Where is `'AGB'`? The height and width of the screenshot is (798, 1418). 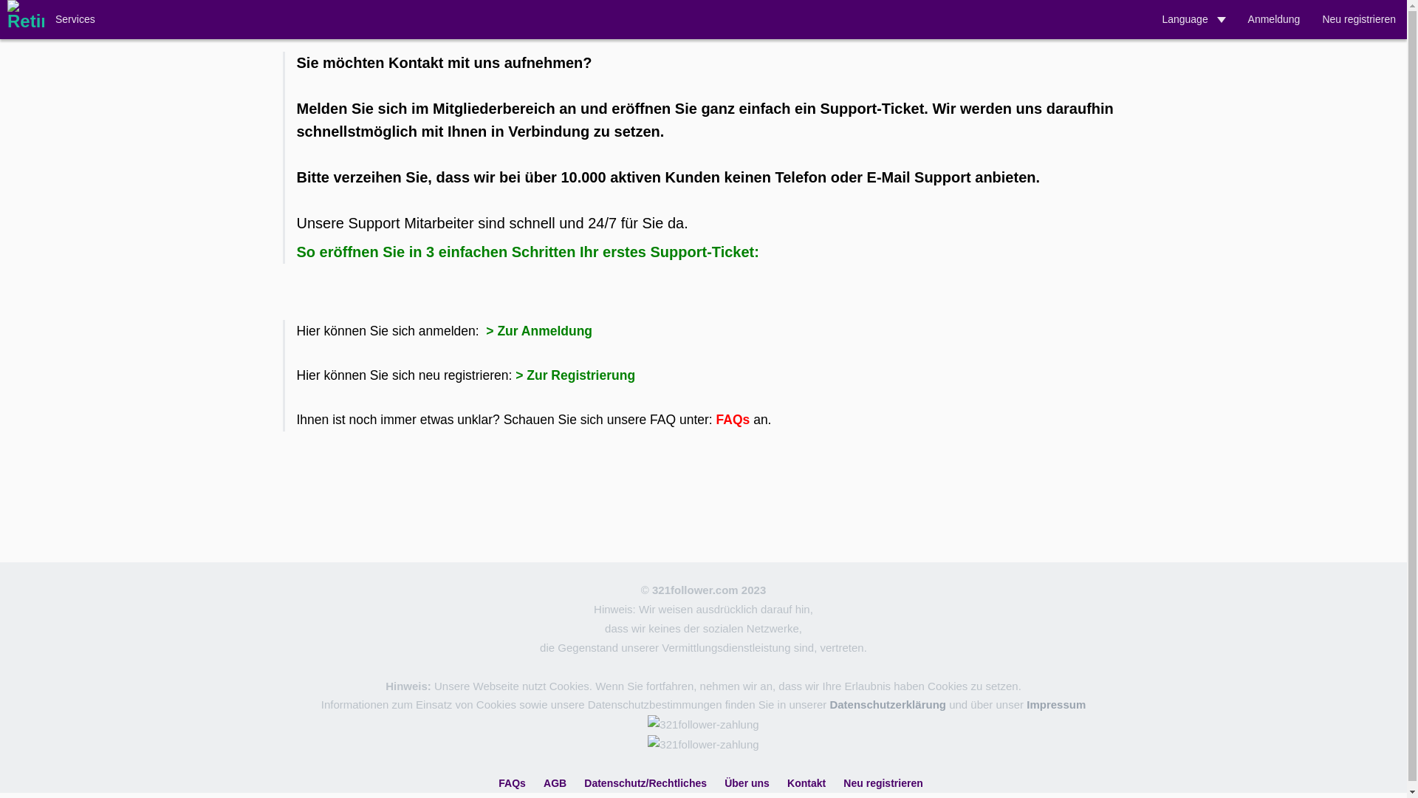 'AGB' is located at coordinates (554, 782).